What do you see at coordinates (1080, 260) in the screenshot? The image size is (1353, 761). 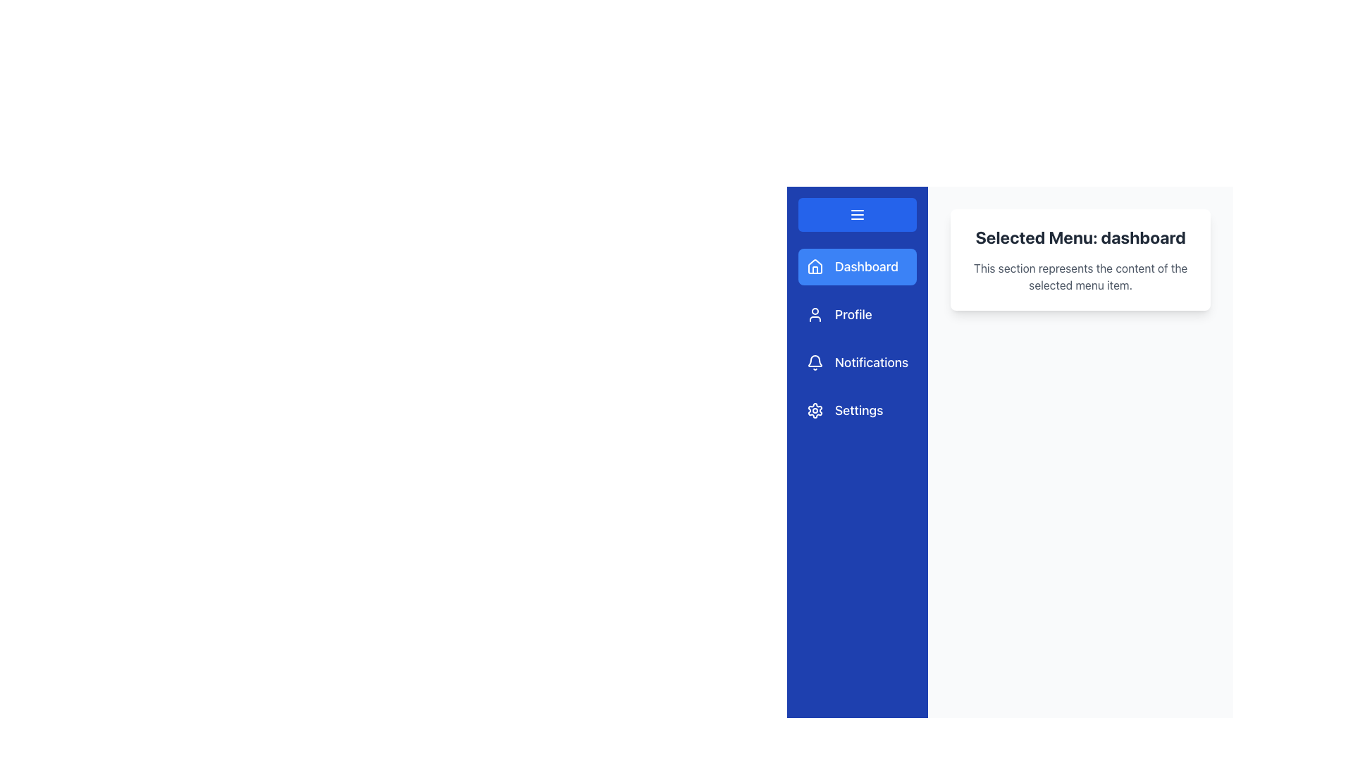 I see `the Informative card located in the top right quadrant of the interface, which displays information about the currently selected option in the navigation menu` at bounding box center [1080, 260].